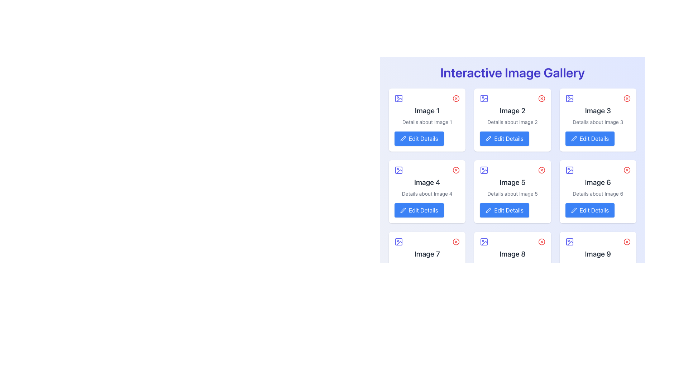  I want to click on the red outlined circular icon button resembling a 'close' or 'remove' button located in the upper-right corner of the card labeled 'Image 3', so click(626, 98).